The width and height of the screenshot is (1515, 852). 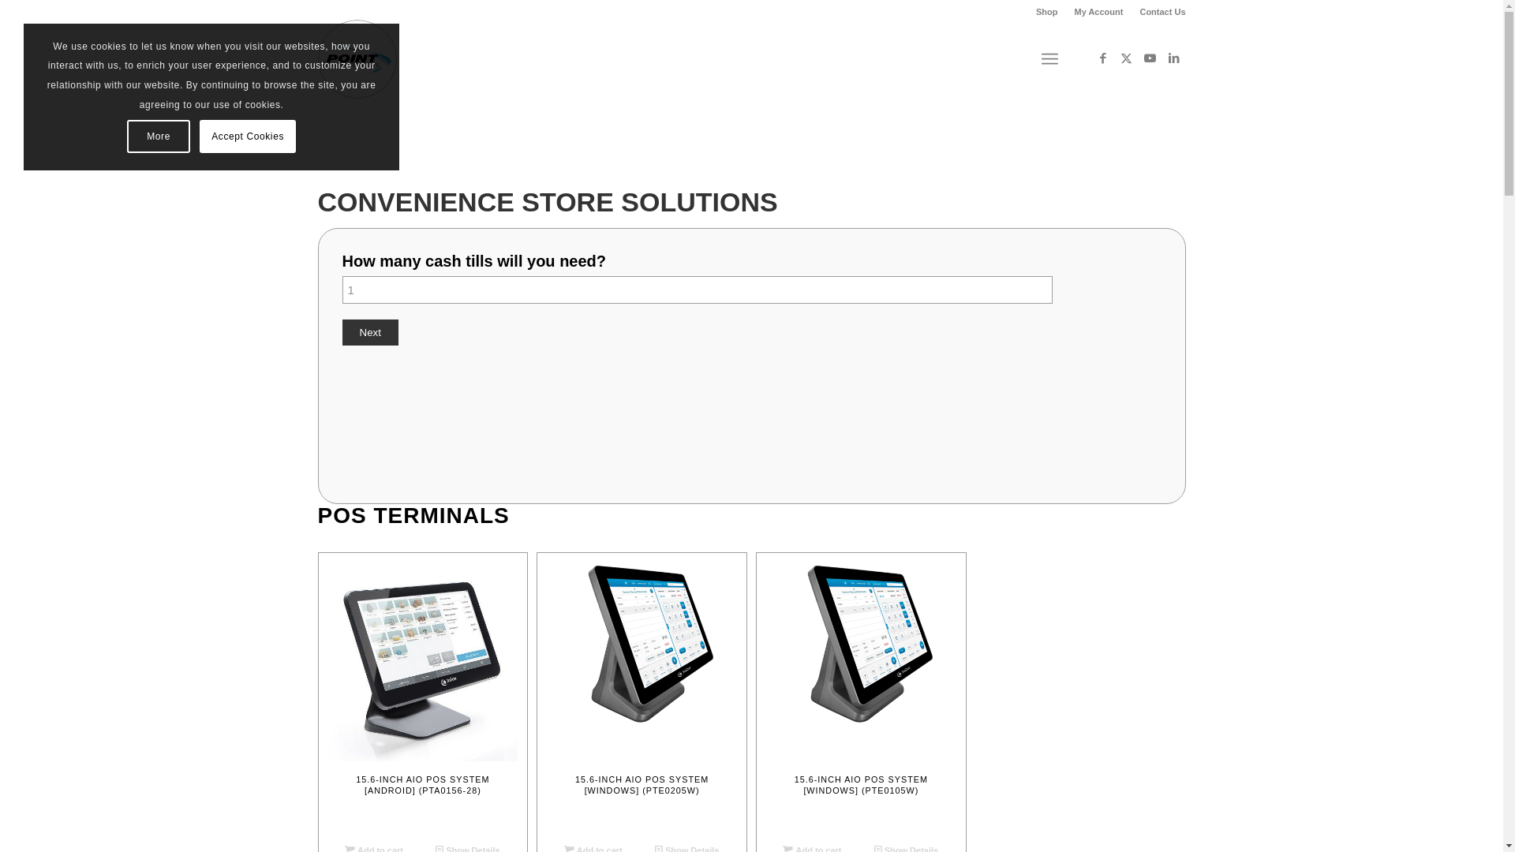 I want to click on 'Facebook', so click(x=1101, y=57).